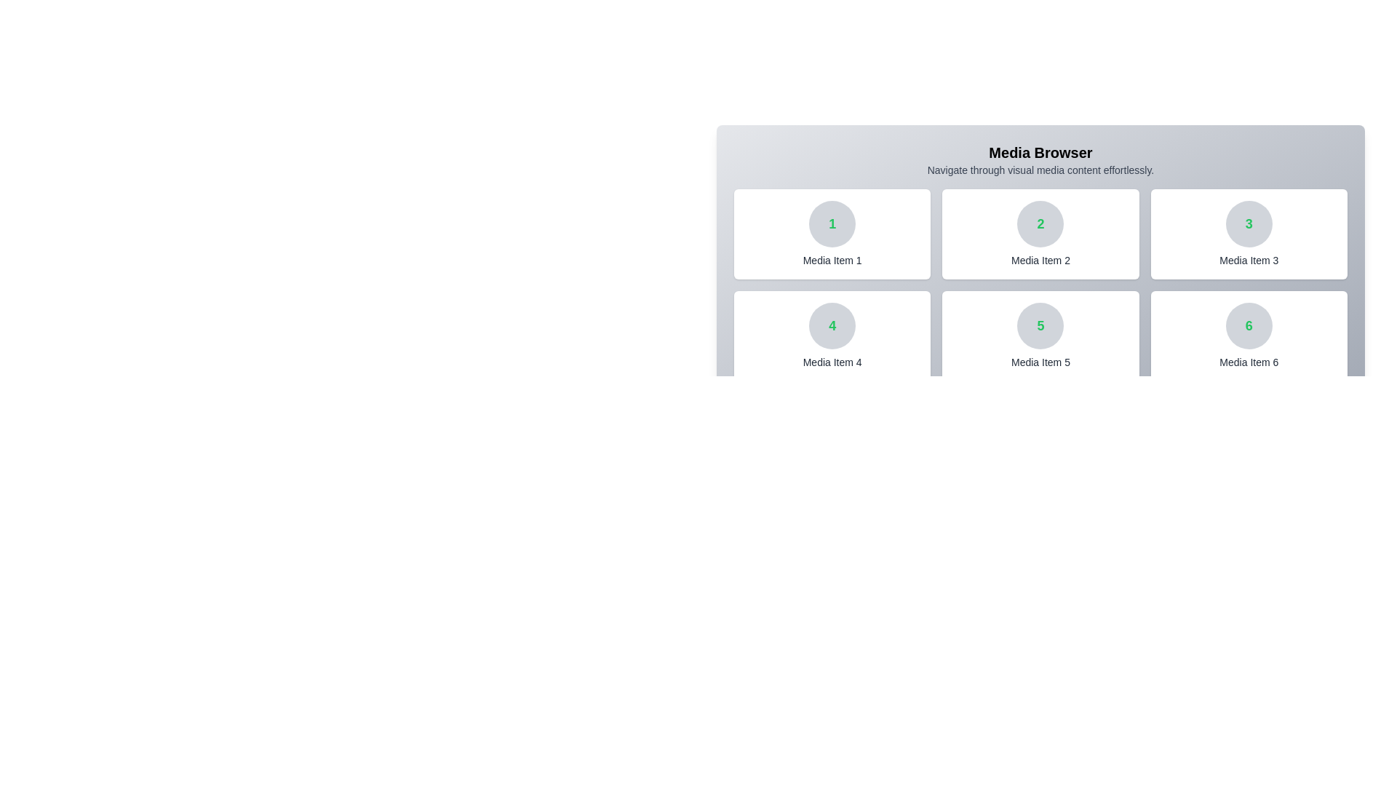 This screenshot has height=786, width=1397. Describe the element at coordinates (1040, 260) in the screenshot. I see `the static text label displaying 'Media Item 2', which is styled in gray and positioned below the circular element with the number '2'` at that location.